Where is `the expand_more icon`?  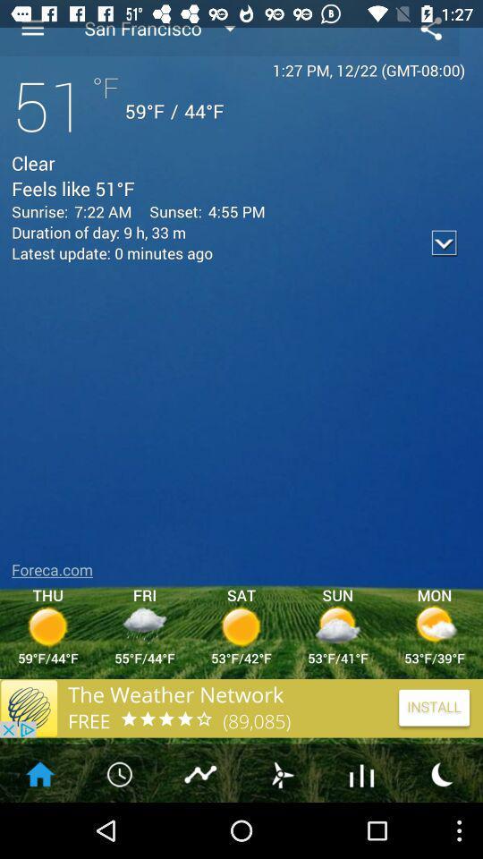 the expand_more icon is located at coordinates (444, 259).